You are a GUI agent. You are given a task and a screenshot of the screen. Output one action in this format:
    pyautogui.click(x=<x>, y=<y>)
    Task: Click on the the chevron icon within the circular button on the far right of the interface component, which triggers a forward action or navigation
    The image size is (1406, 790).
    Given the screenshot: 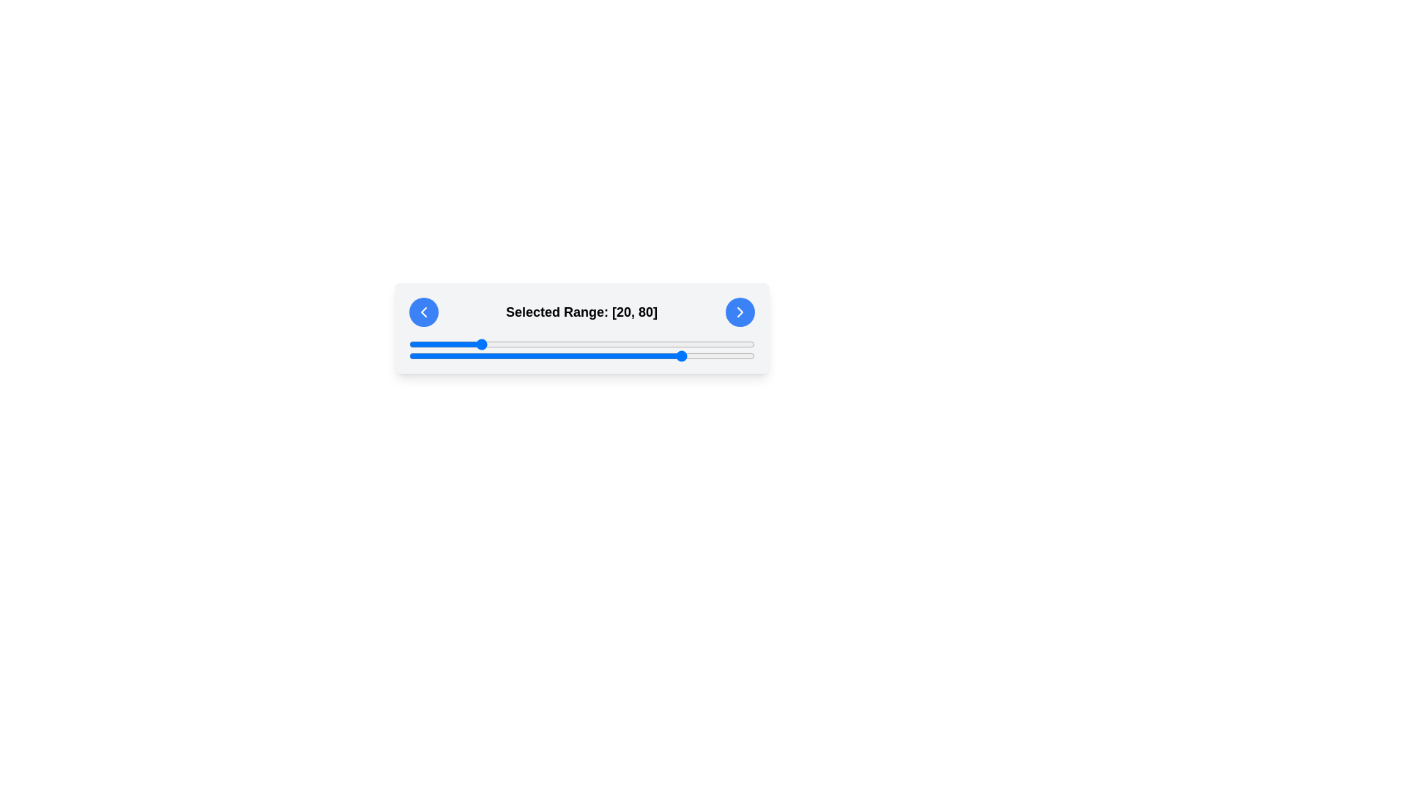 What is the action you would take?
    pyautogui.click(x=740, y=312)
    